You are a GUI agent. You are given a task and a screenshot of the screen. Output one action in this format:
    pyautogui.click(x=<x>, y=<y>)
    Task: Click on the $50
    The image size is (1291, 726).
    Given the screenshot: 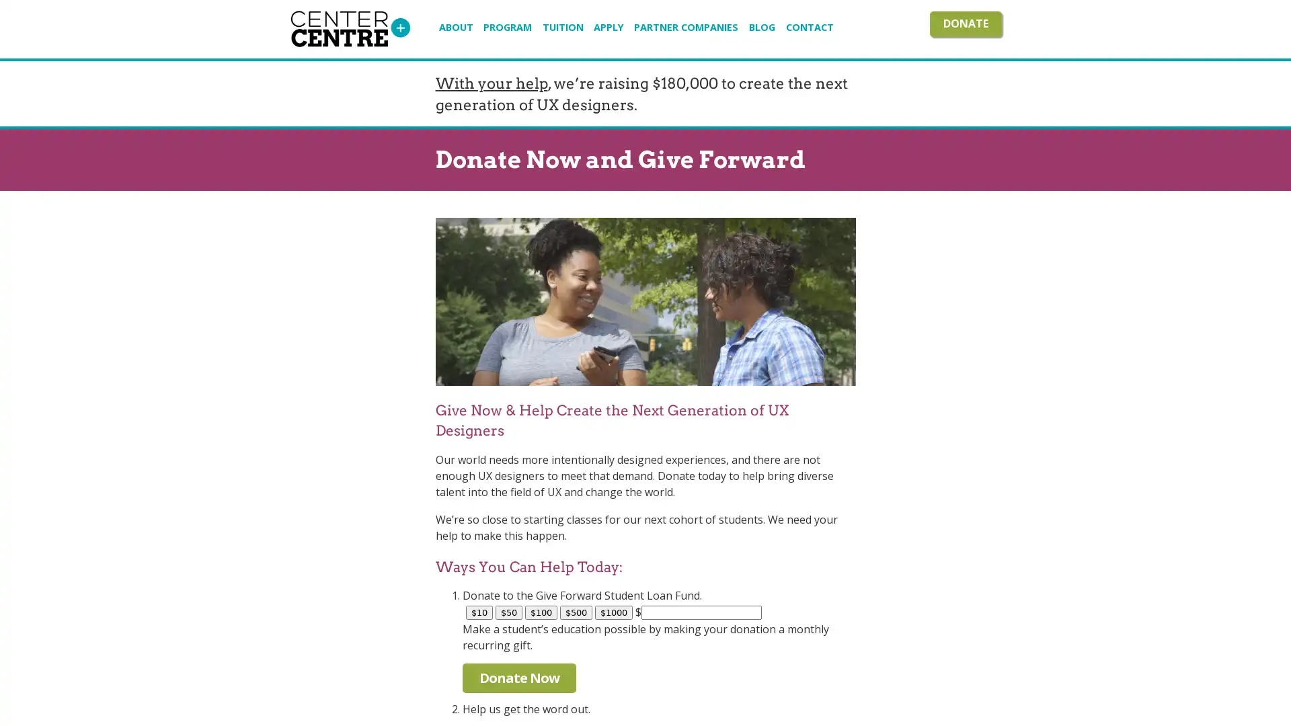 What is the action you would take?
    pyautogui.click(x=508, y=612)
    